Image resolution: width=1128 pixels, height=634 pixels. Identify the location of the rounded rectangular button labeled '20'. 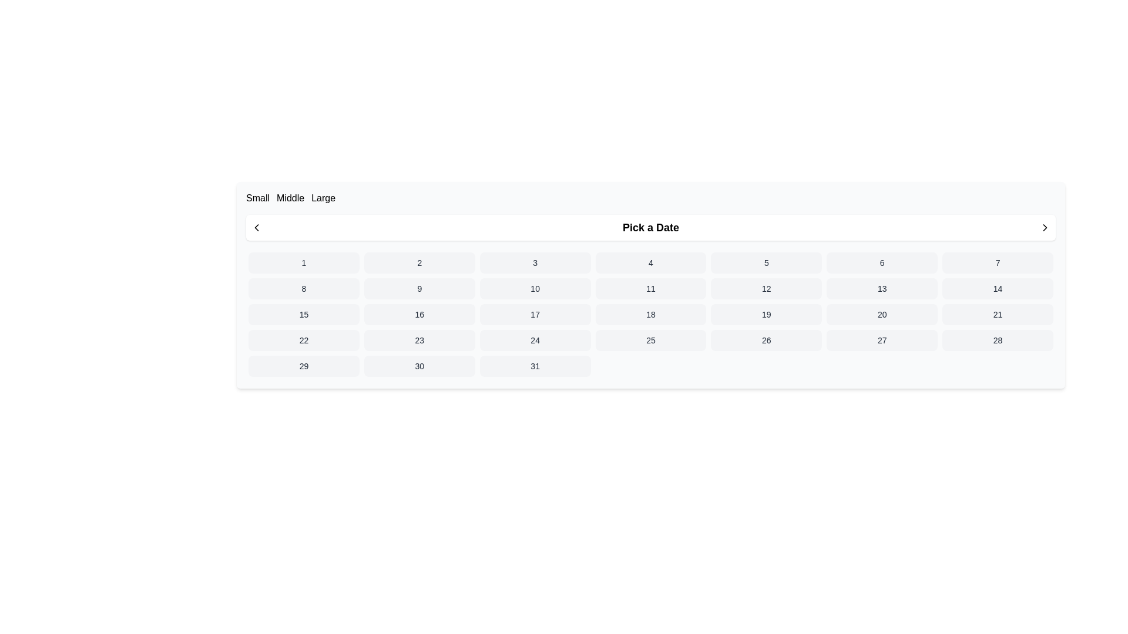
(882, 314).